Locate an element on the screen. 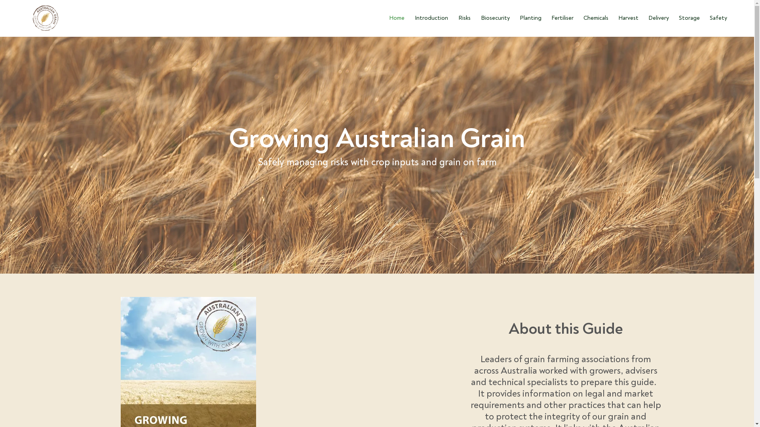  'Biosecurity' is located at coordinates (475, 18).